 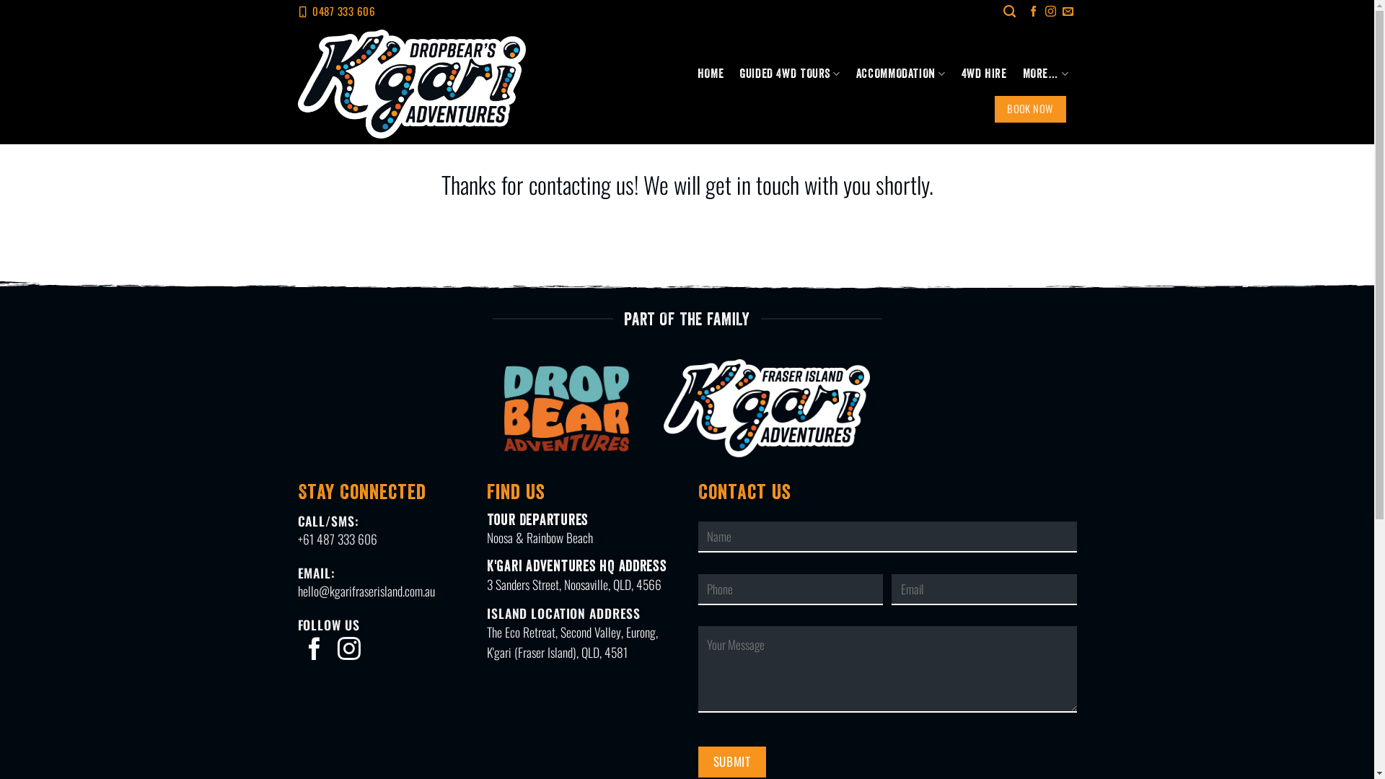 I want to click on 'Submit', so click(x=698, y=761).